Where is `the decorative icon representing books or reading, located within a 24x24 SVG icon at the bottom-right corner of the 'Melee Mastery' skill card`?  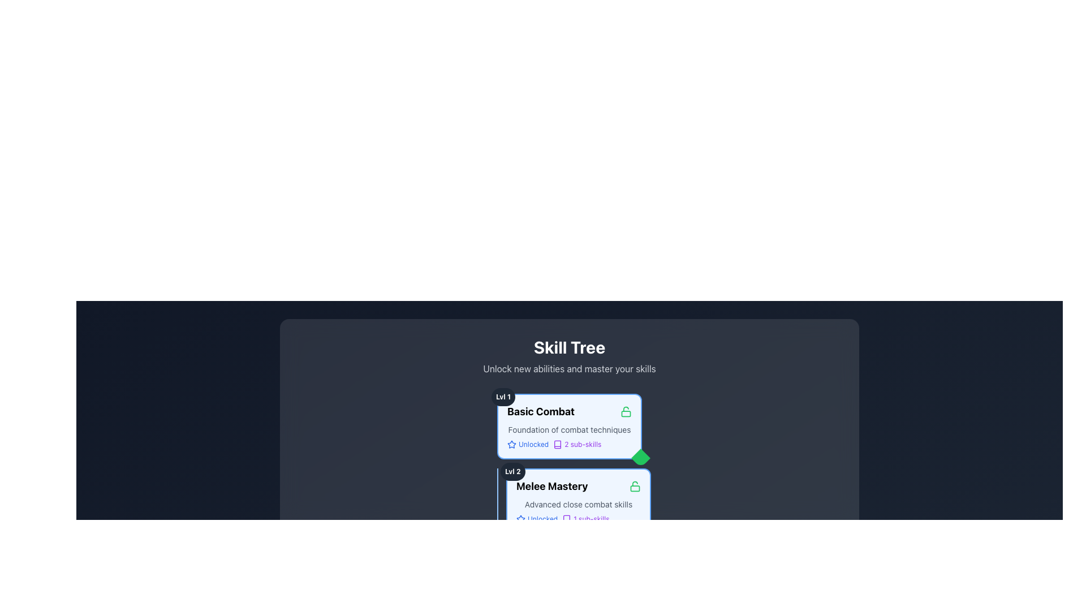 the decorative icon representing books or reading, located within a 24x24 SVG icon at the bottom-right corner of the 'Melee Mastery' skill card is located at coordinates (567, 519).